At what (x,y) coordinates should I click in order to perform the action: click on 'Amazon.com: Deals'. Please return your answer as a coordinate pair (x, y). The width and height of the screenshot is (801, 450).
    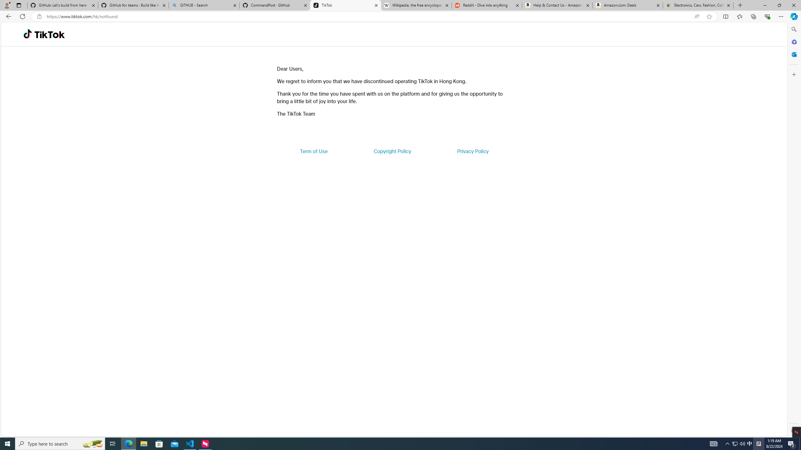
    Looking at the image, I should click on (627, 5).